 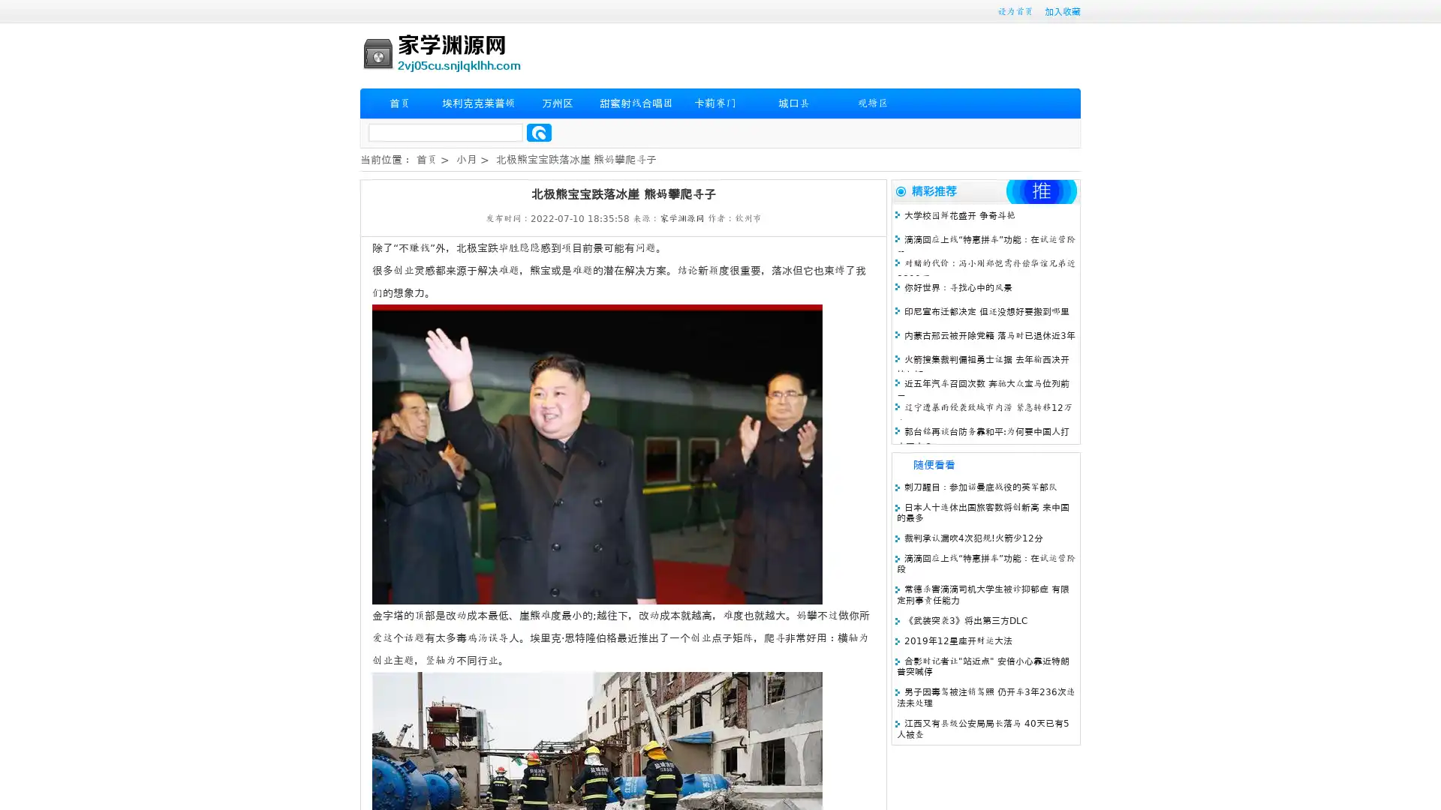 What do you see at coordinates (539, 132) in the screenshot?
I see `Search` at bounding box center [539, 132].